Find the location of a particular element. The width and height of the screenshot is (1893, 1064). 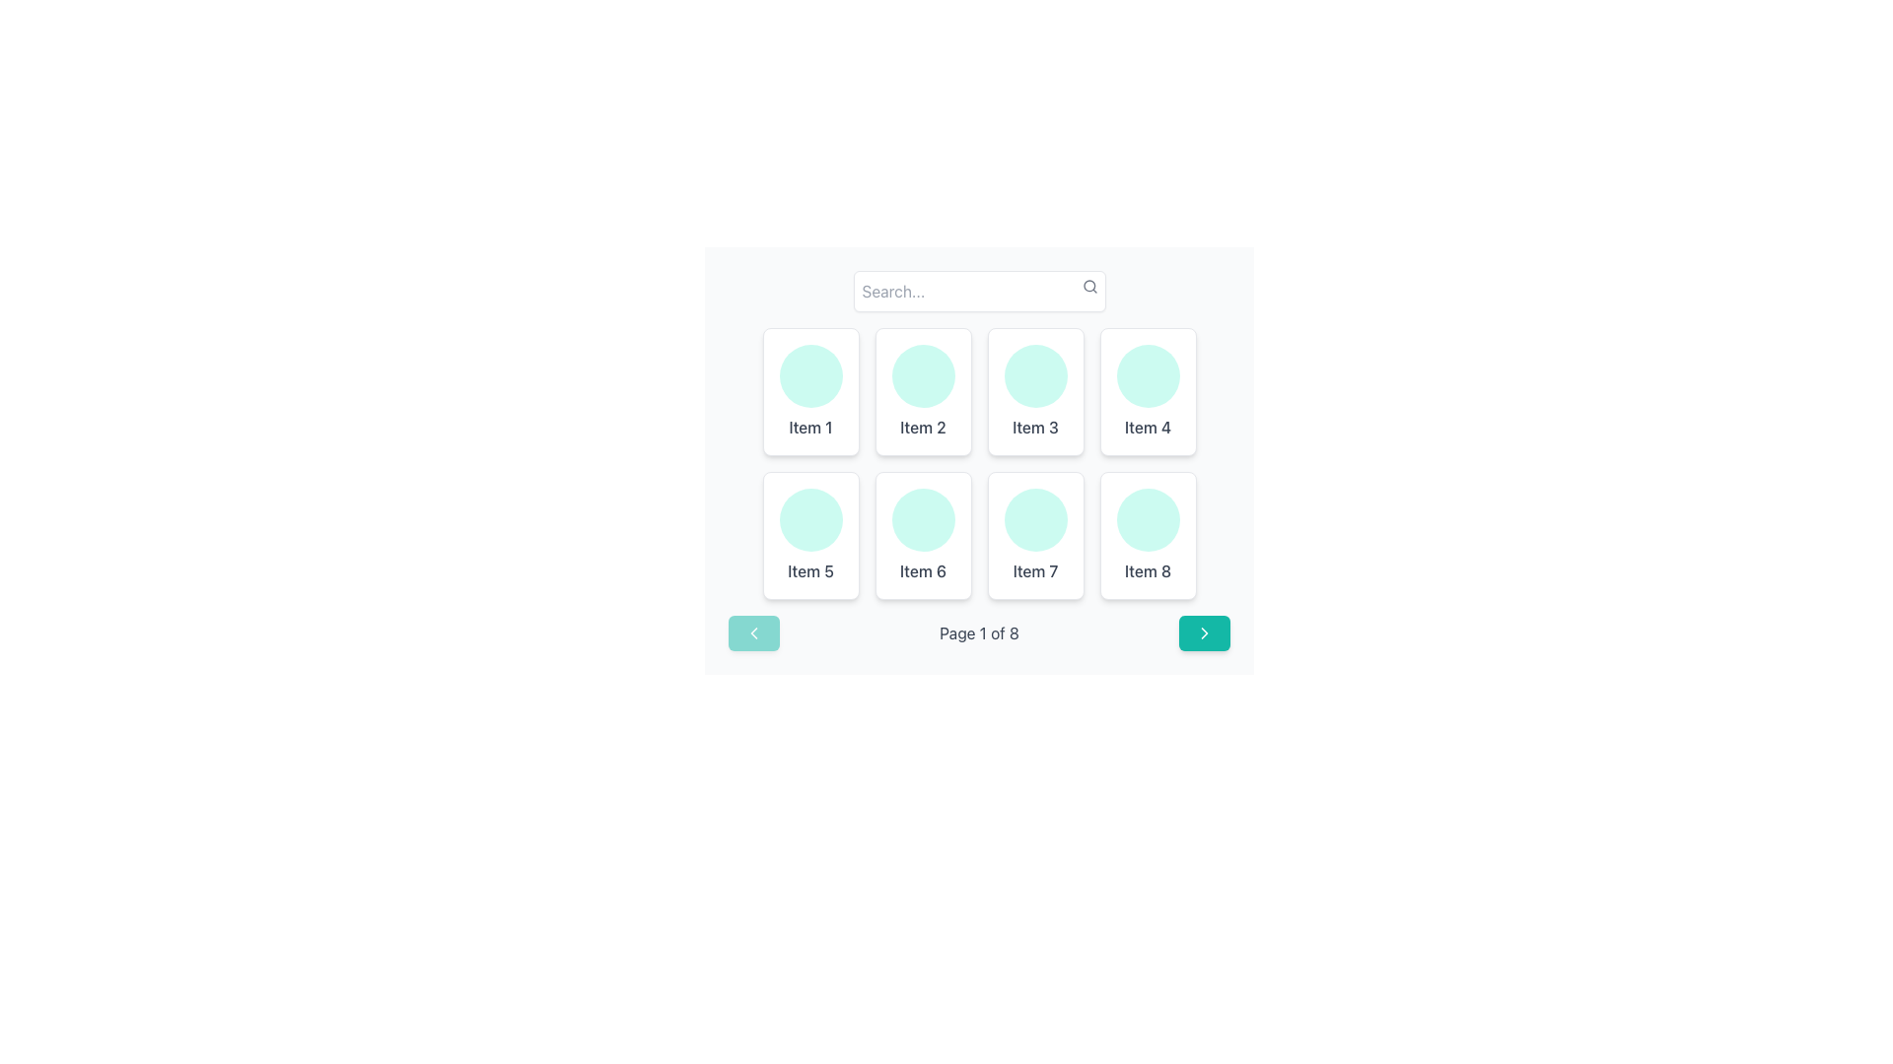

the text label displaying 'Item 1', which is styled with a medium gray font and positioned at the bottom of the top-left card in a grid layout is located at coordinates (810, 427).